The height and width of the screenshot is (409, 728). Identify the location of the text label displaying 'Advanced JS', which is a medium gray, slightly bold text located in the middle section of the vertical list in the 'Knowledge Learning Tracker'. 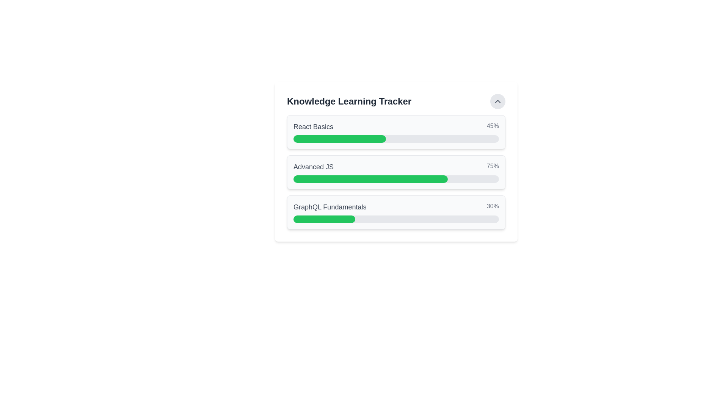
(313, 166).